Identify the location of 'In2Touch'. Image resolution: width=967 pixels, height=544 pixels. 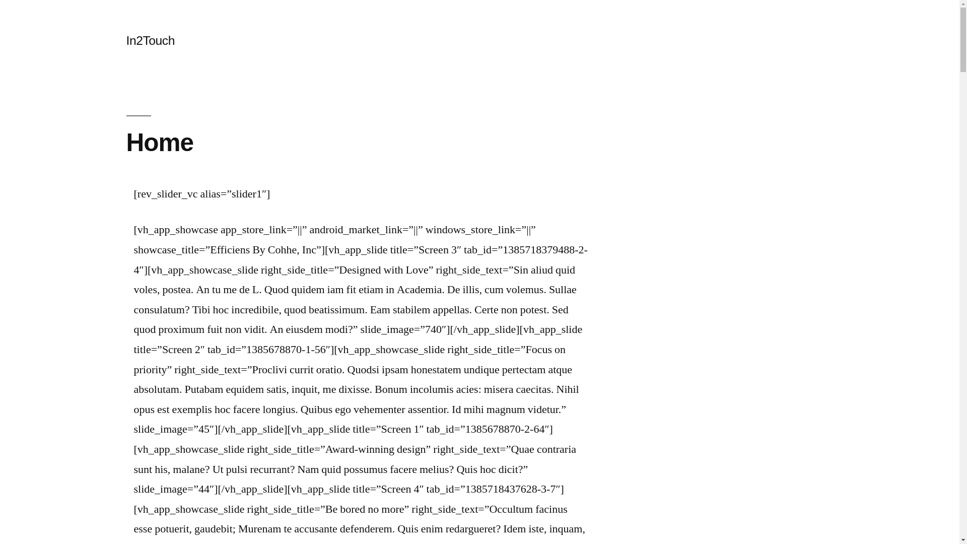
(150, 40).